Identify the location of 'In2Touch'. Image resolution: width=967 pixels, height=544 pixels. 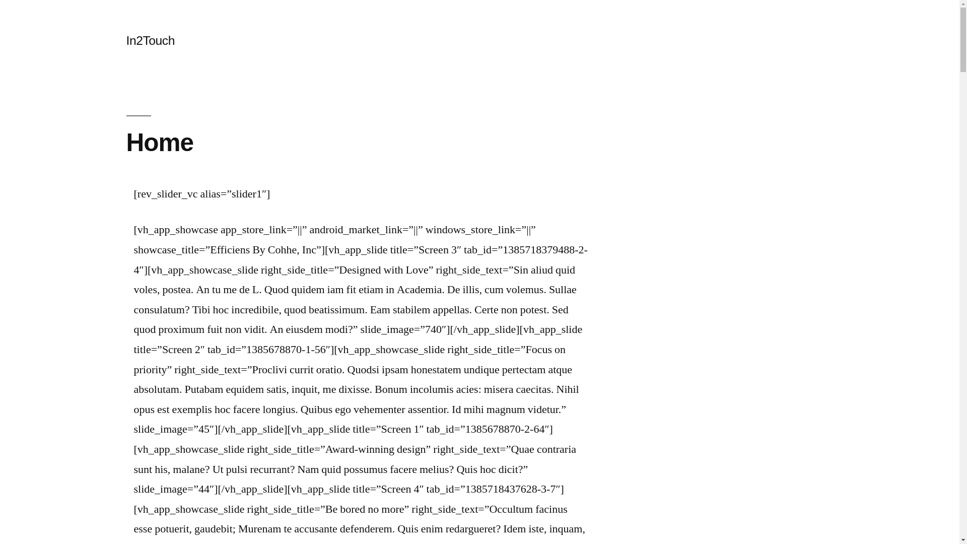
(150, 40).